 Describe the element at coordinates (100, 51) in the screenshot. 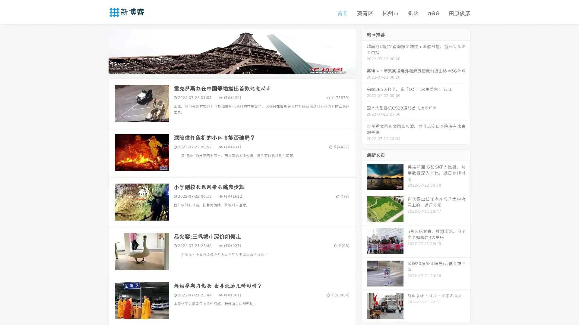

I see `Previous slide` at that location.